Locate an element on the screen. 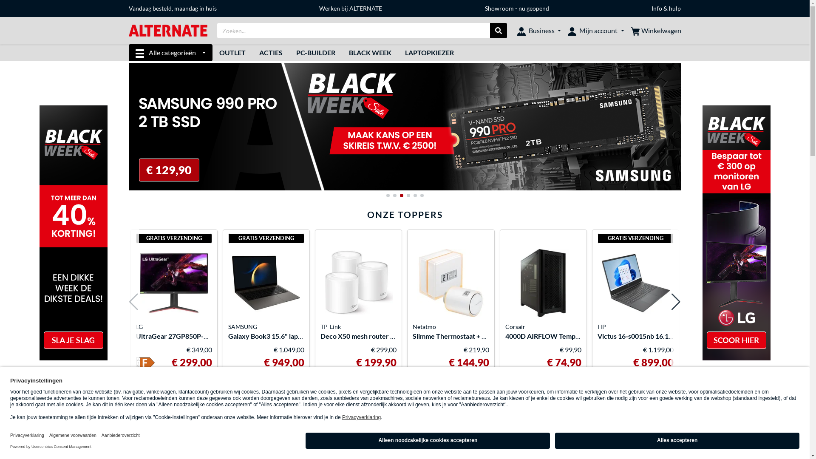 The width and height of the screenshot is (816, 459). 'Showroom - nu geopend' is located at coordinates (485, 8).